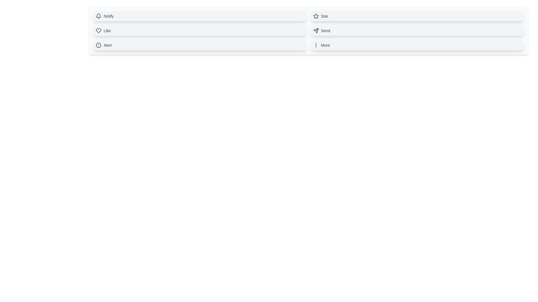 Image resolution: width=538 pixels, height=302 pixels. I want to click on the 'Like' button, so click(200, 31).